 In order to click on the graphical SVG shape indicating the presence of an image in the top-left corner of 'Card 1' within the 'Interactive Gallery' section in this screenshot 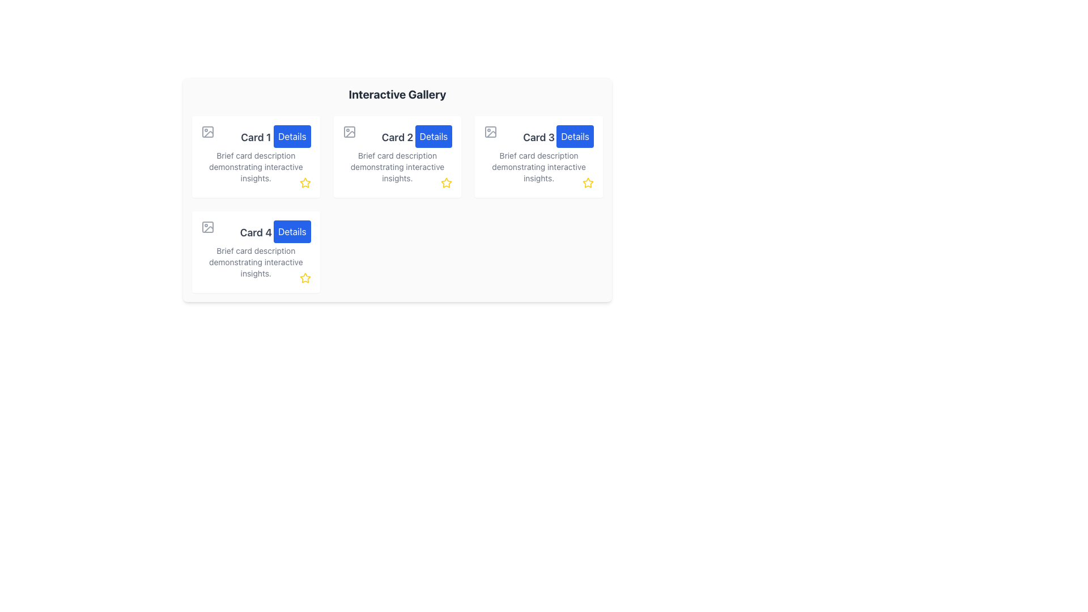, I will do `click(207, 131)`.